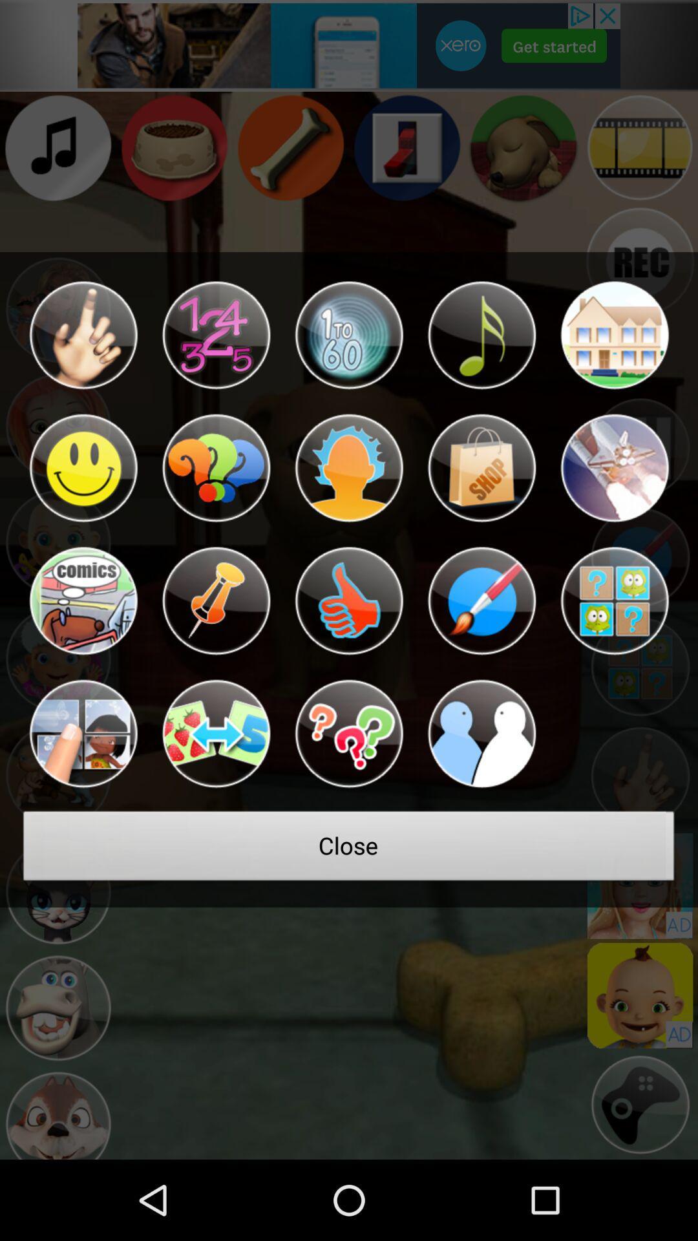 Image resolution: width=698 pixels, height=1241 pixels. What do you see at coordinates (481, 359) in the screenshot?
I see `the music icon` at bounding box center [481, 359].